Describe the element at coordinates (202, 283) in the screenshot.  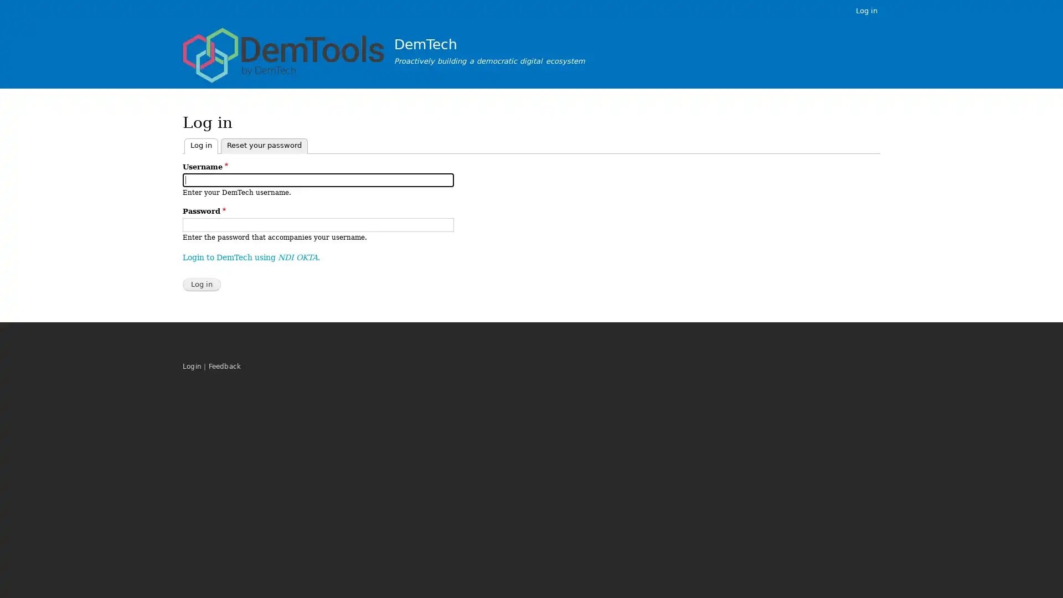
I see `Log in` at that location.